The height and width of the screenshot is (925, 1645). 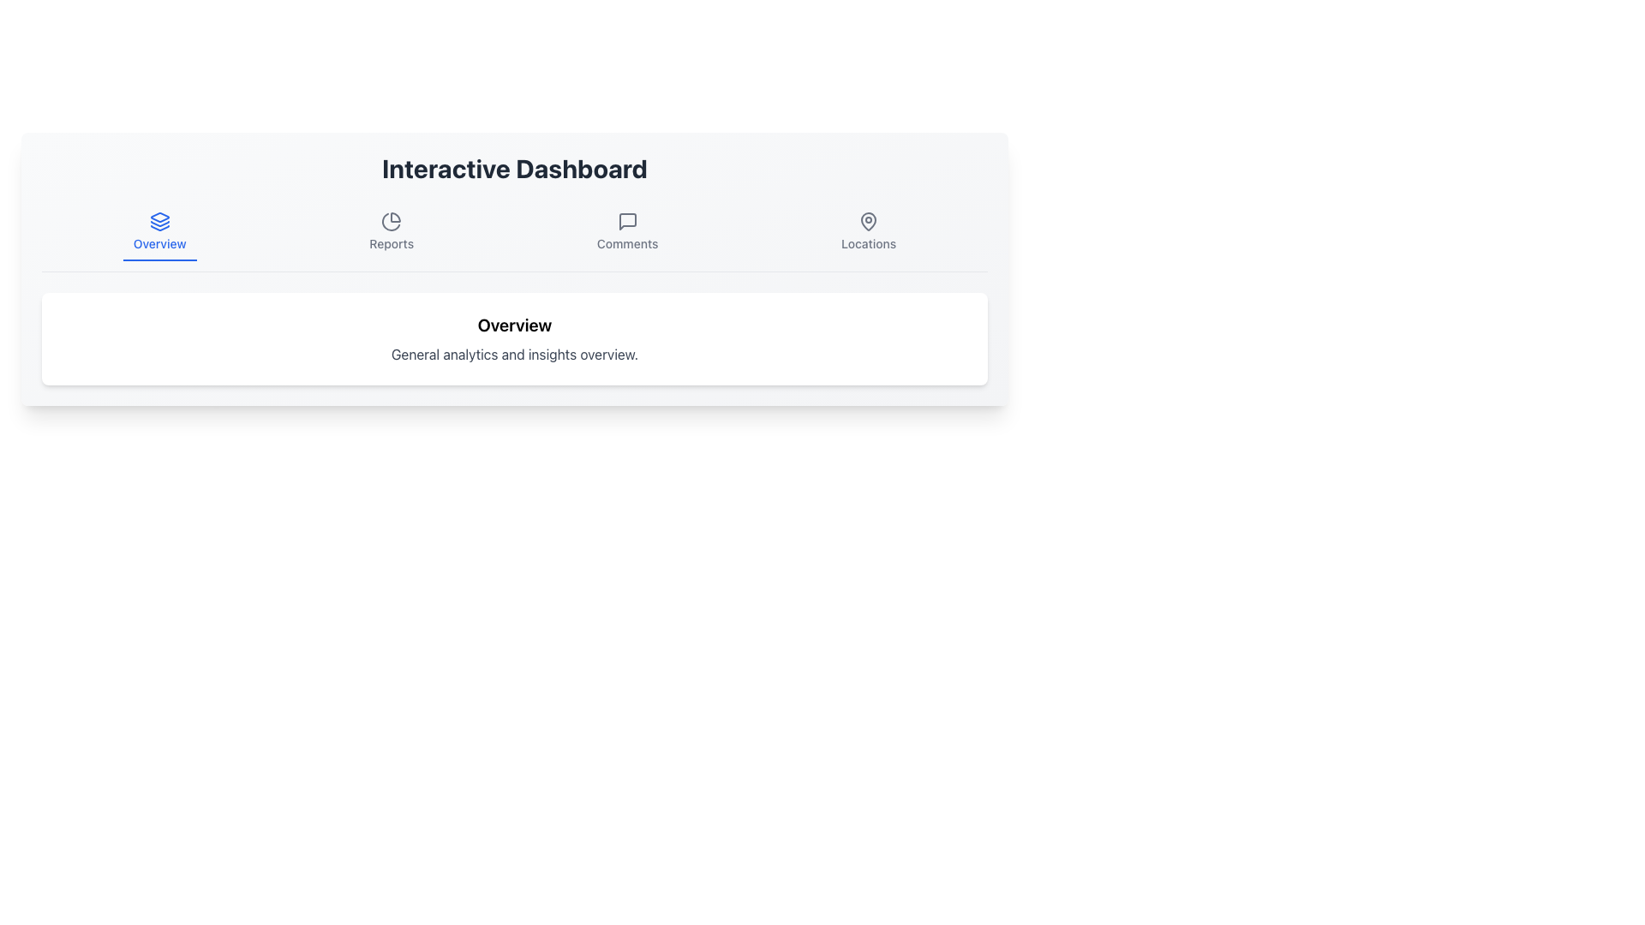 What do you see at coordinates (159, 233) in the screenshot?
I see `the 'Overview' button located in the upper-left region of the horizontal menu, which is styled with a blue color scheme and labeled with an icon of layered squares` at bounding box center [159, 233].